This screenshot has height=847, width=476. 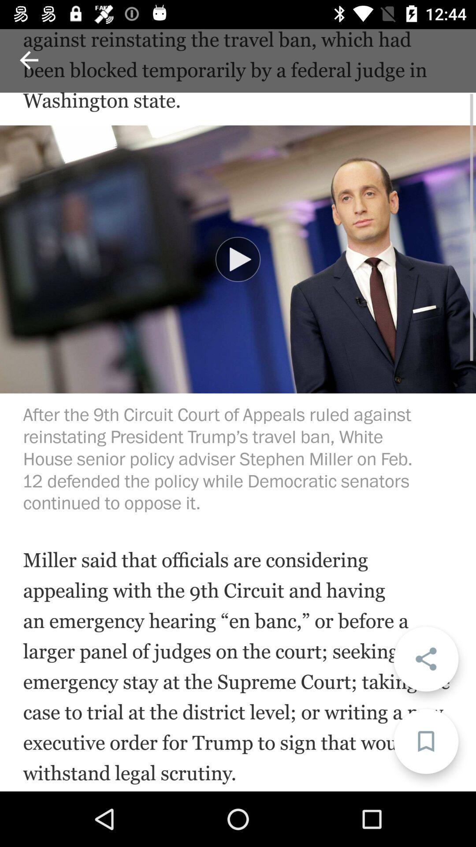 I want to click on video, so click(x=238, y=259).